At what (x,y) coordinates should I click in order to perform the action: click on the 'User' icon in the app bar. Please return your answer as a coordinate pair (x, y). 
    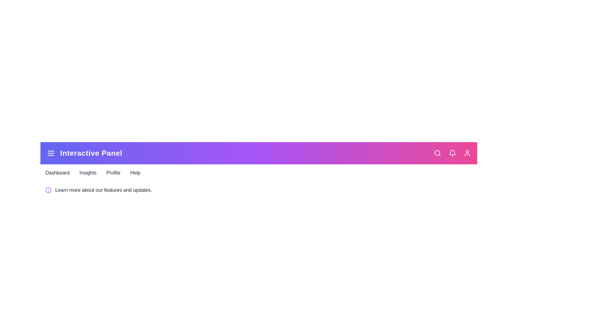
    Looking at the image, I should click on (467, 153).